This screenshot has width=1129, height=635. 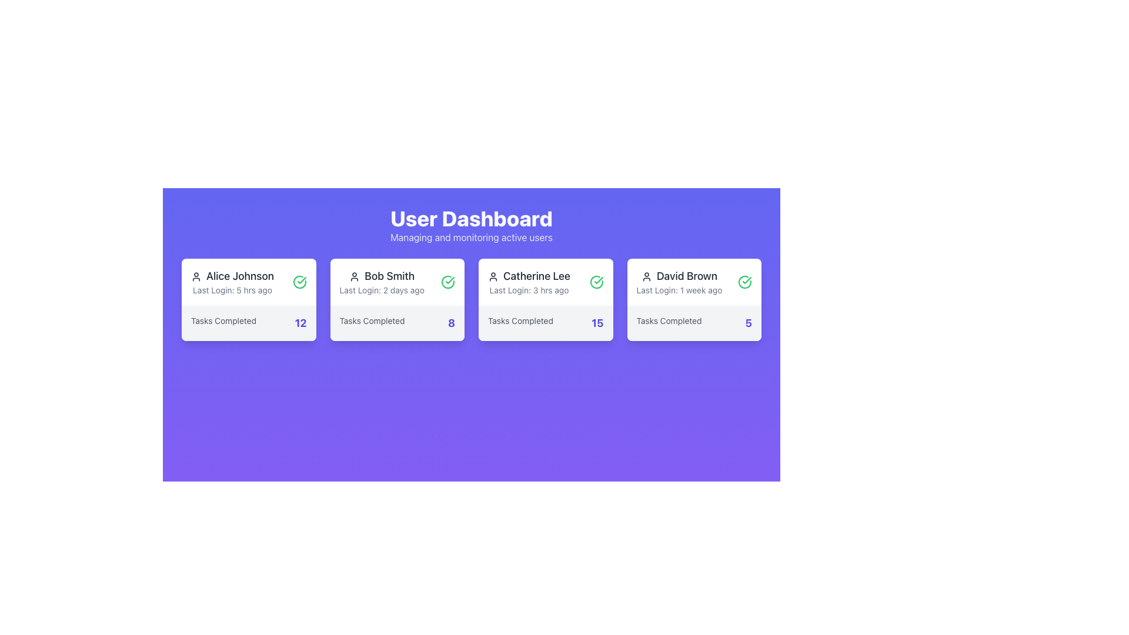 I want to click on the green checkmark icon located to the right of the user's name 'David Brown' in the top right section of the user profile card, so click(x=449, y=280).